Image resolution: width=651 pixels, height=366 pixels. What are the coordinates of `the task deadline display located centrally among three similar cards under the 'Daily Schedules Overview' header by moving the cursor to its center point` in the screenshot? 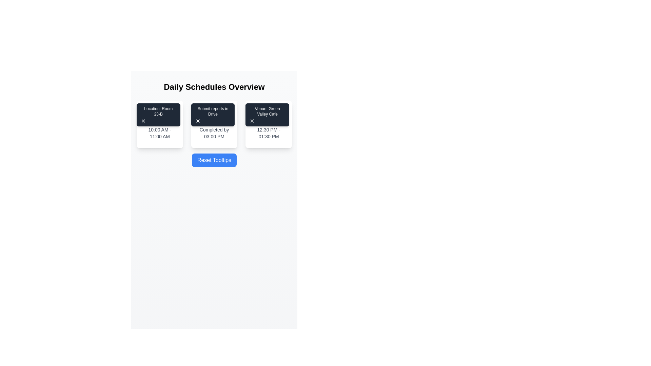 It's located at (214, 124).